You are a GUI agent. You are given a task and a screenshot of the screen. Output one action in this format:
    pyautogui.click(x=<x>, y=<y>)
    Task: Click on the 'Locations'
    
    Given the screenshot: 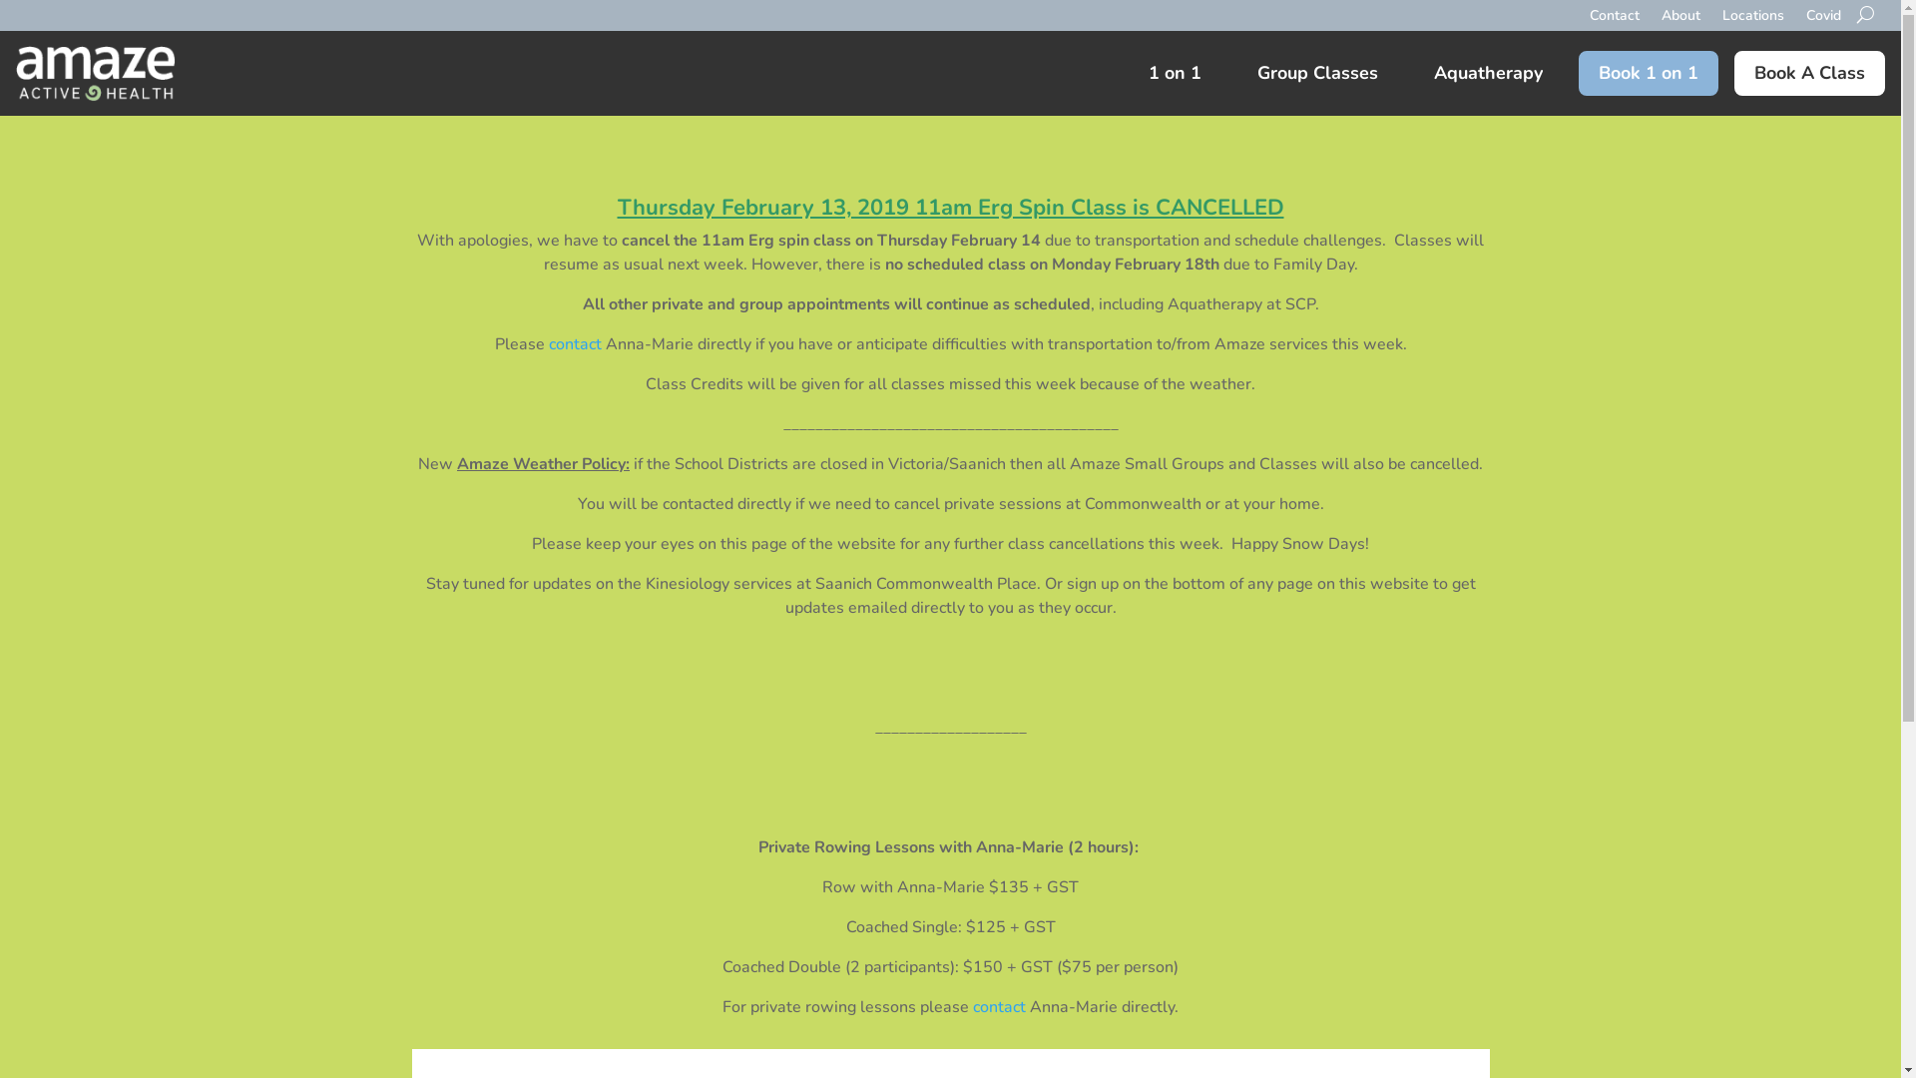 What is the action you would take?
    pyautogui.click(x=1751, y=30)
    